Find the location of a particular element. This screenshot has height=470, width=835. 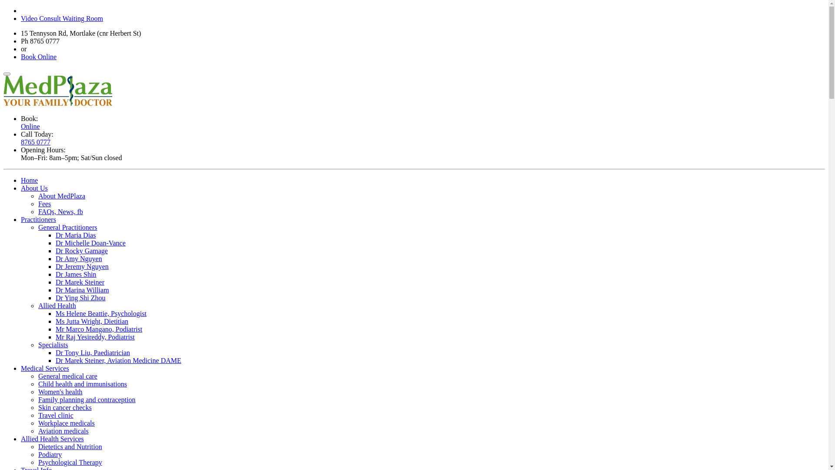

'Specialists' is located at coordinates (52, 344).